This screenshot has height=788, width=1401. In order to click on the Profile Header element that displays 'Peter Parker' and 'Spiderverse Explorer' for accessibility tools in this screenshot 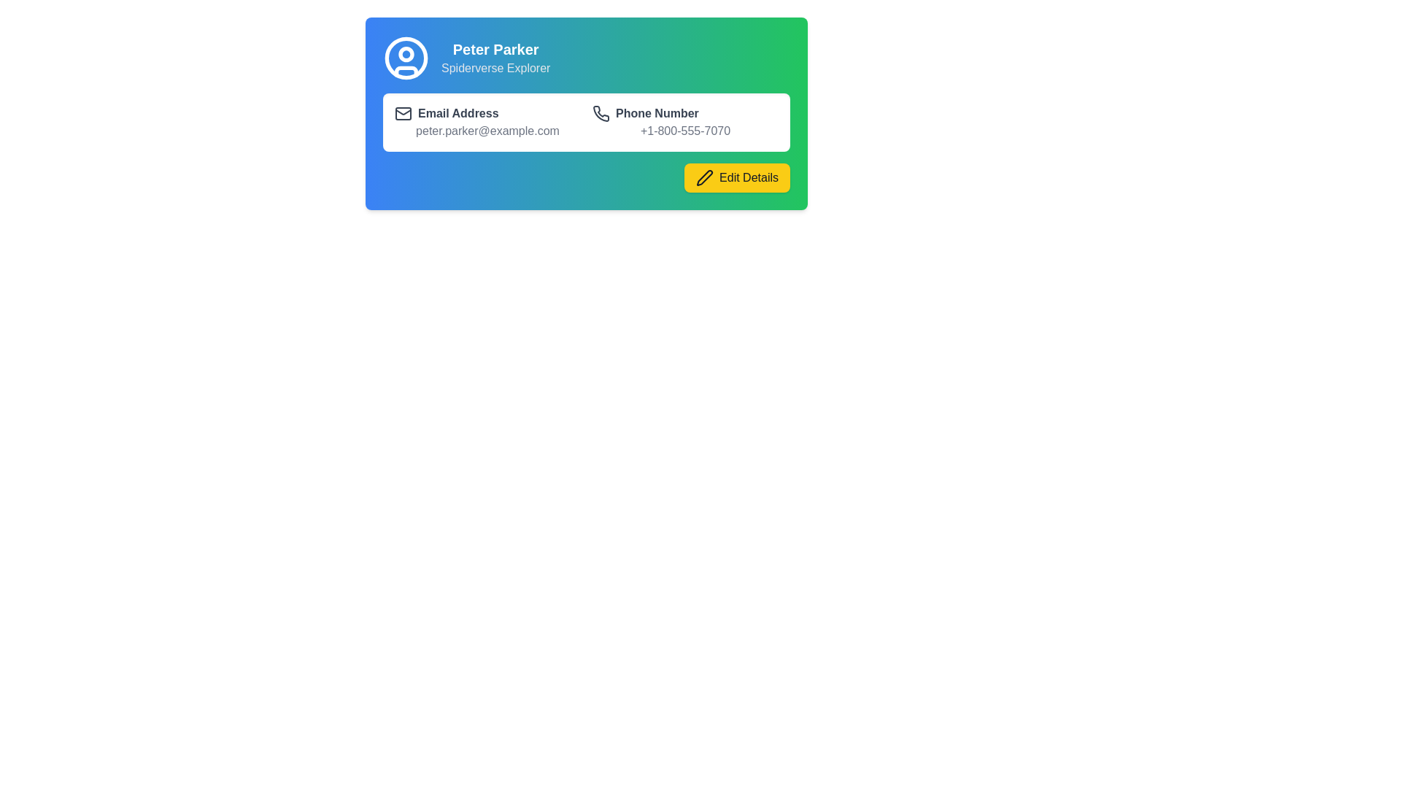, I will do `click(587, 58)`.